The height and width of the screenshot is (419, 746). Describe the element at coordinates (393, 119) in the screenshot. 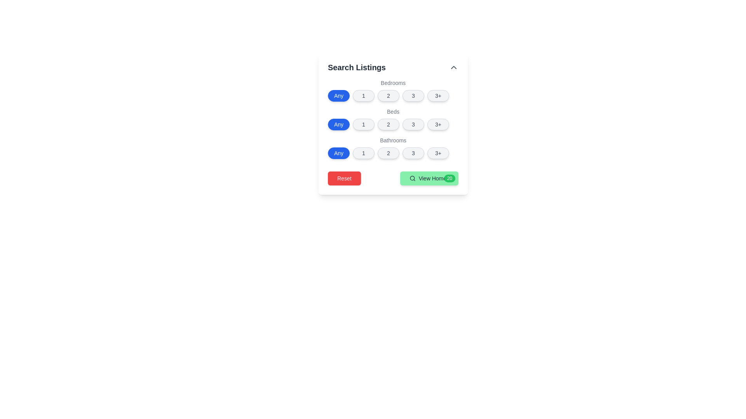

I see `the interactive button group for selecting the count of beds, which includes buttons labeled 'Any', '1', '2', '3', and '3+'` at that location.